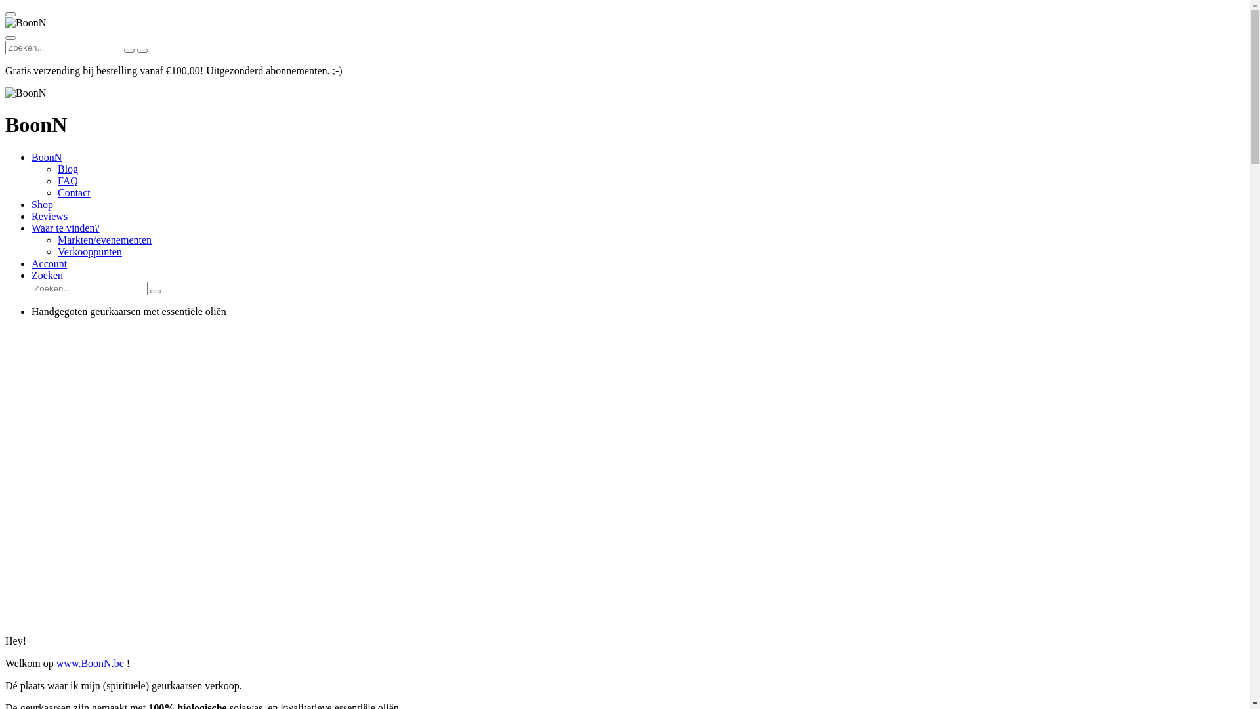  Describe the element at coordinates (89, 251) in the screenshot. I see `'Verkooppunten'` at that location.